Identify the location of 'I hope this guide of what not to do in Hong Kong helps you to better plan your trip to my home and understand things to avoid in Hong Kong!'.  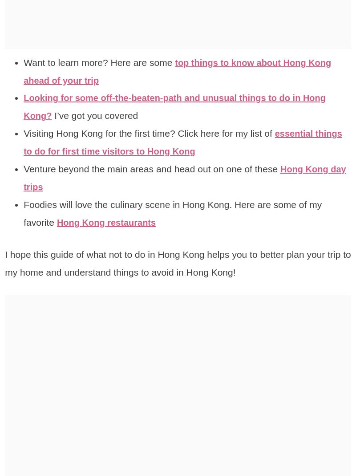
(5, 263).